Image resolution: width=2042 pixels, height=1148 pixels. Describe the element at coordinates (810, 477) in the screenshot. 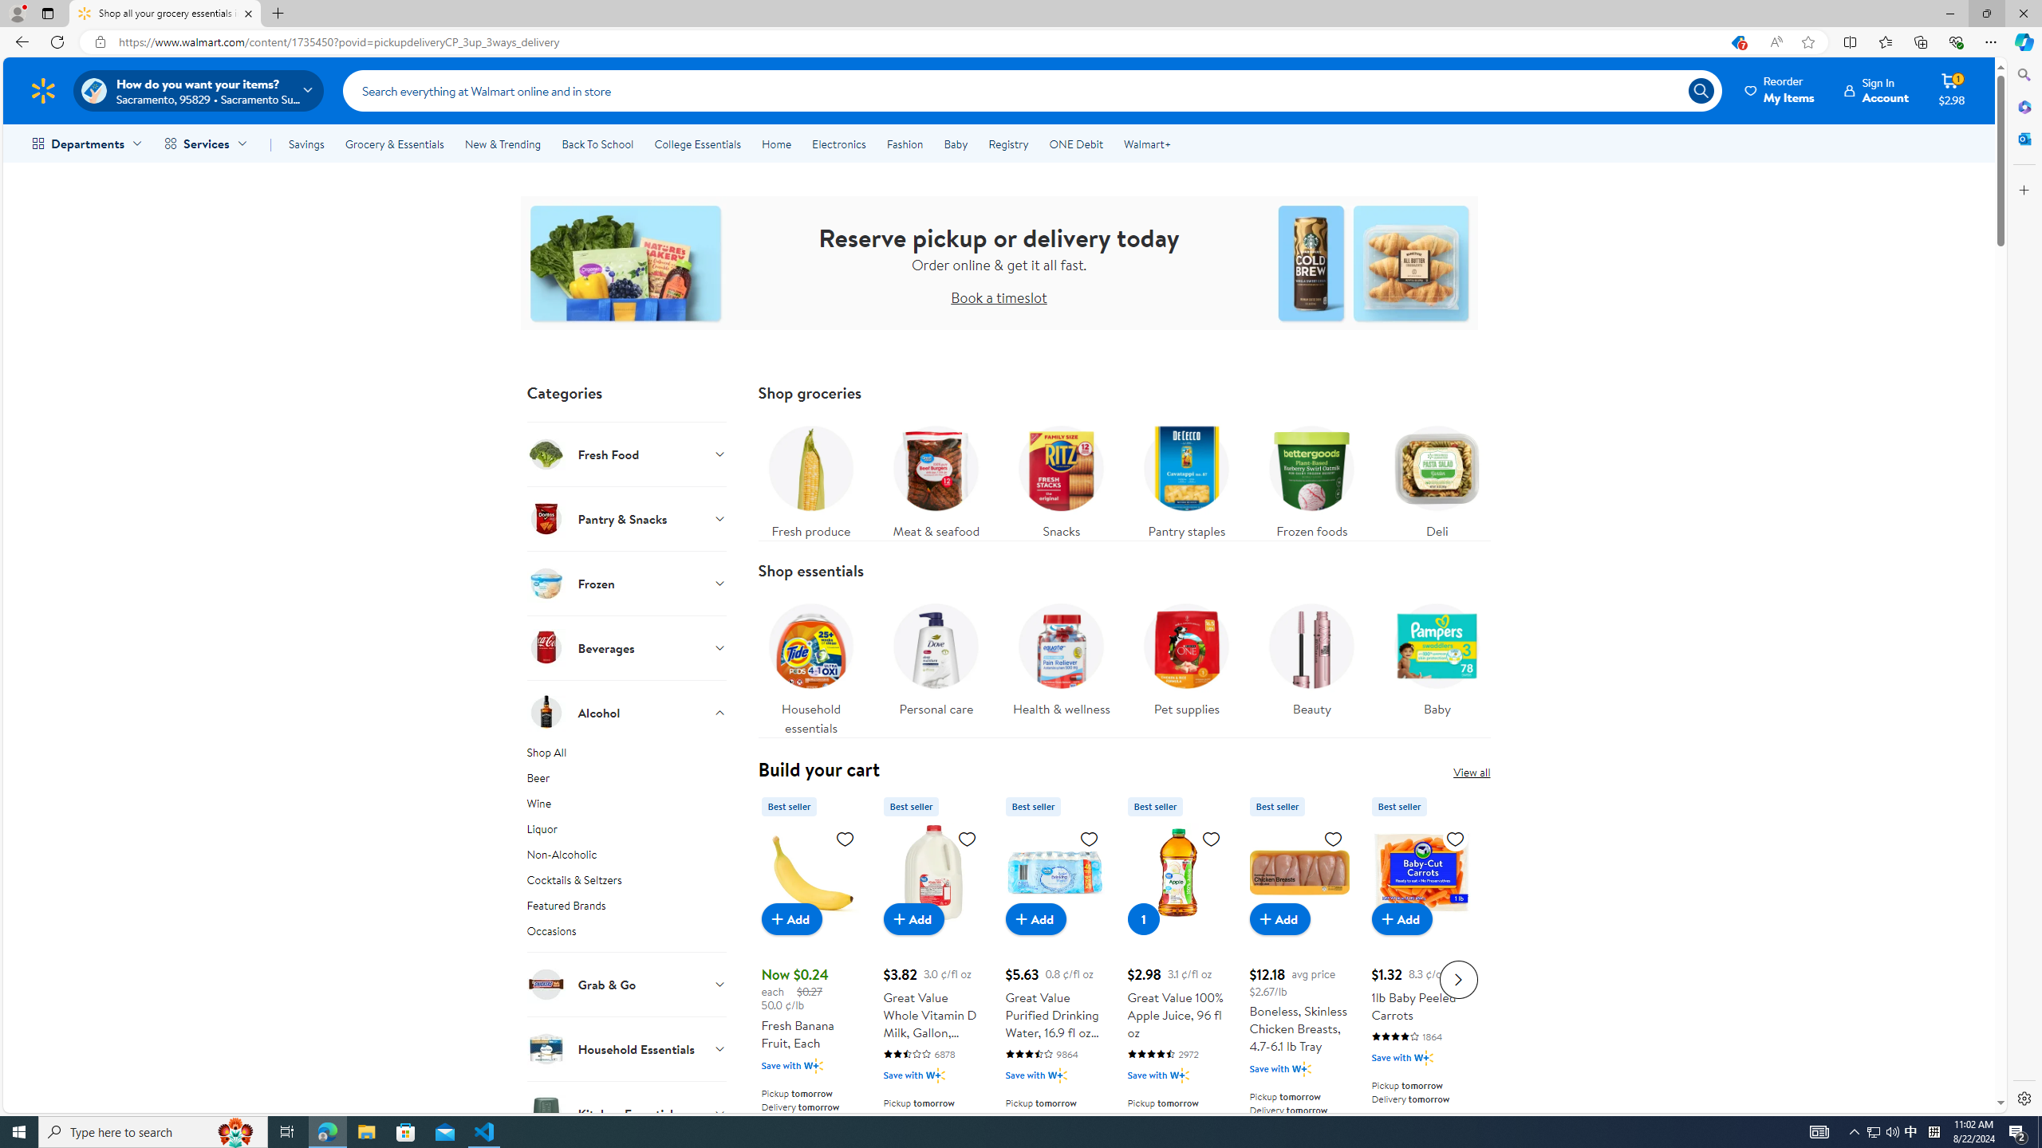

I see `'Fresh produce'` at that location.